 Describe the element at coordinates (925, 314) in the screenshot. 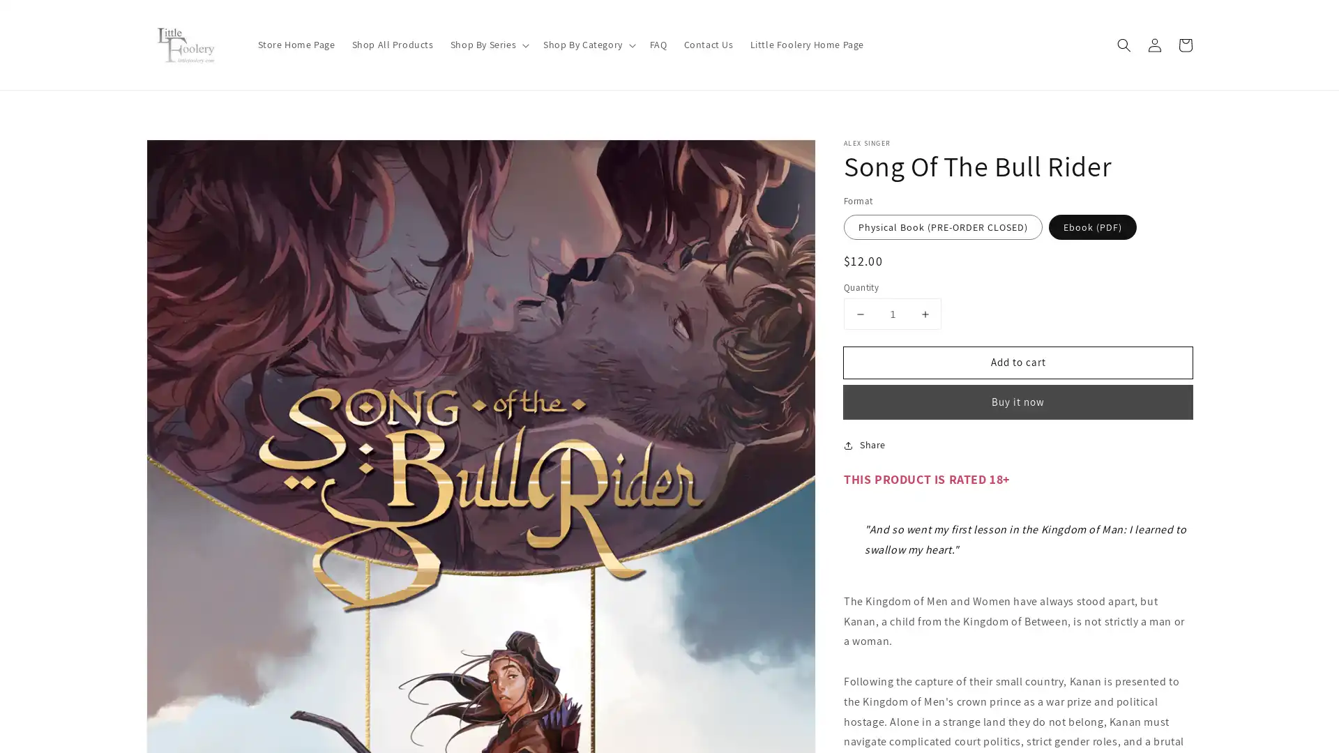

I see `Increase quantity for Song Of The Bull Rider` at that location.